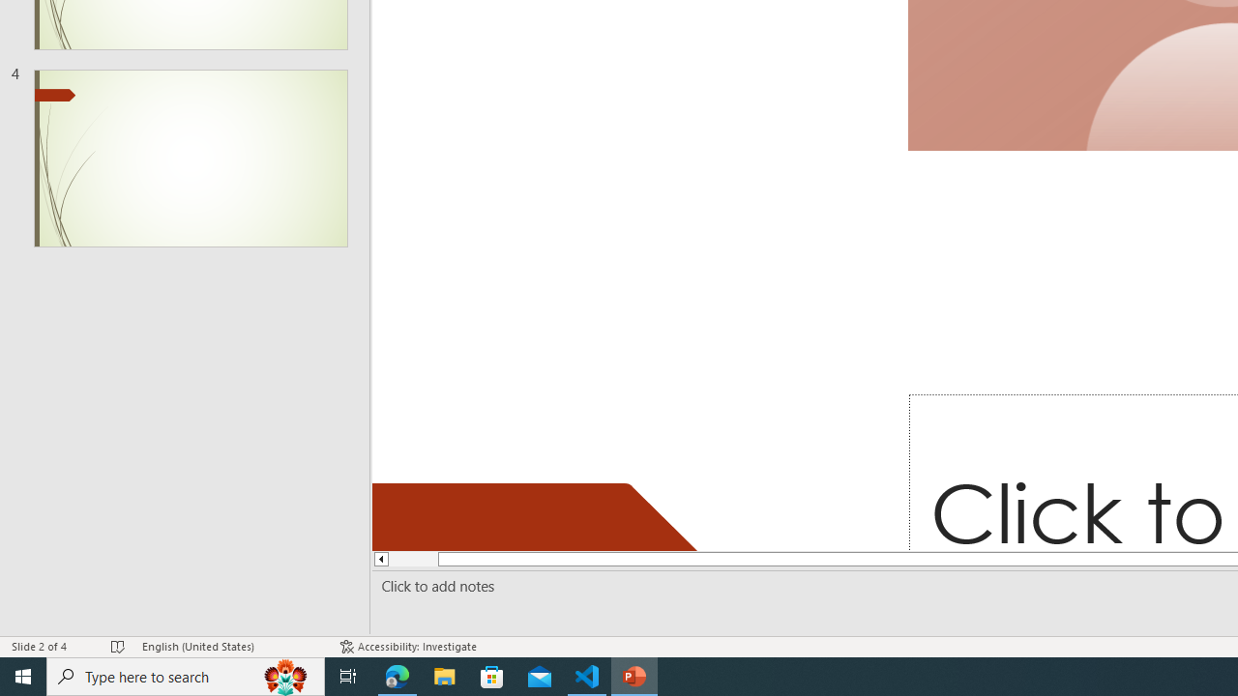  What do you see at coordinates (543, 515) in the screenshot?
I see `'Decorative Locked'` at bounding box center [543, 515].